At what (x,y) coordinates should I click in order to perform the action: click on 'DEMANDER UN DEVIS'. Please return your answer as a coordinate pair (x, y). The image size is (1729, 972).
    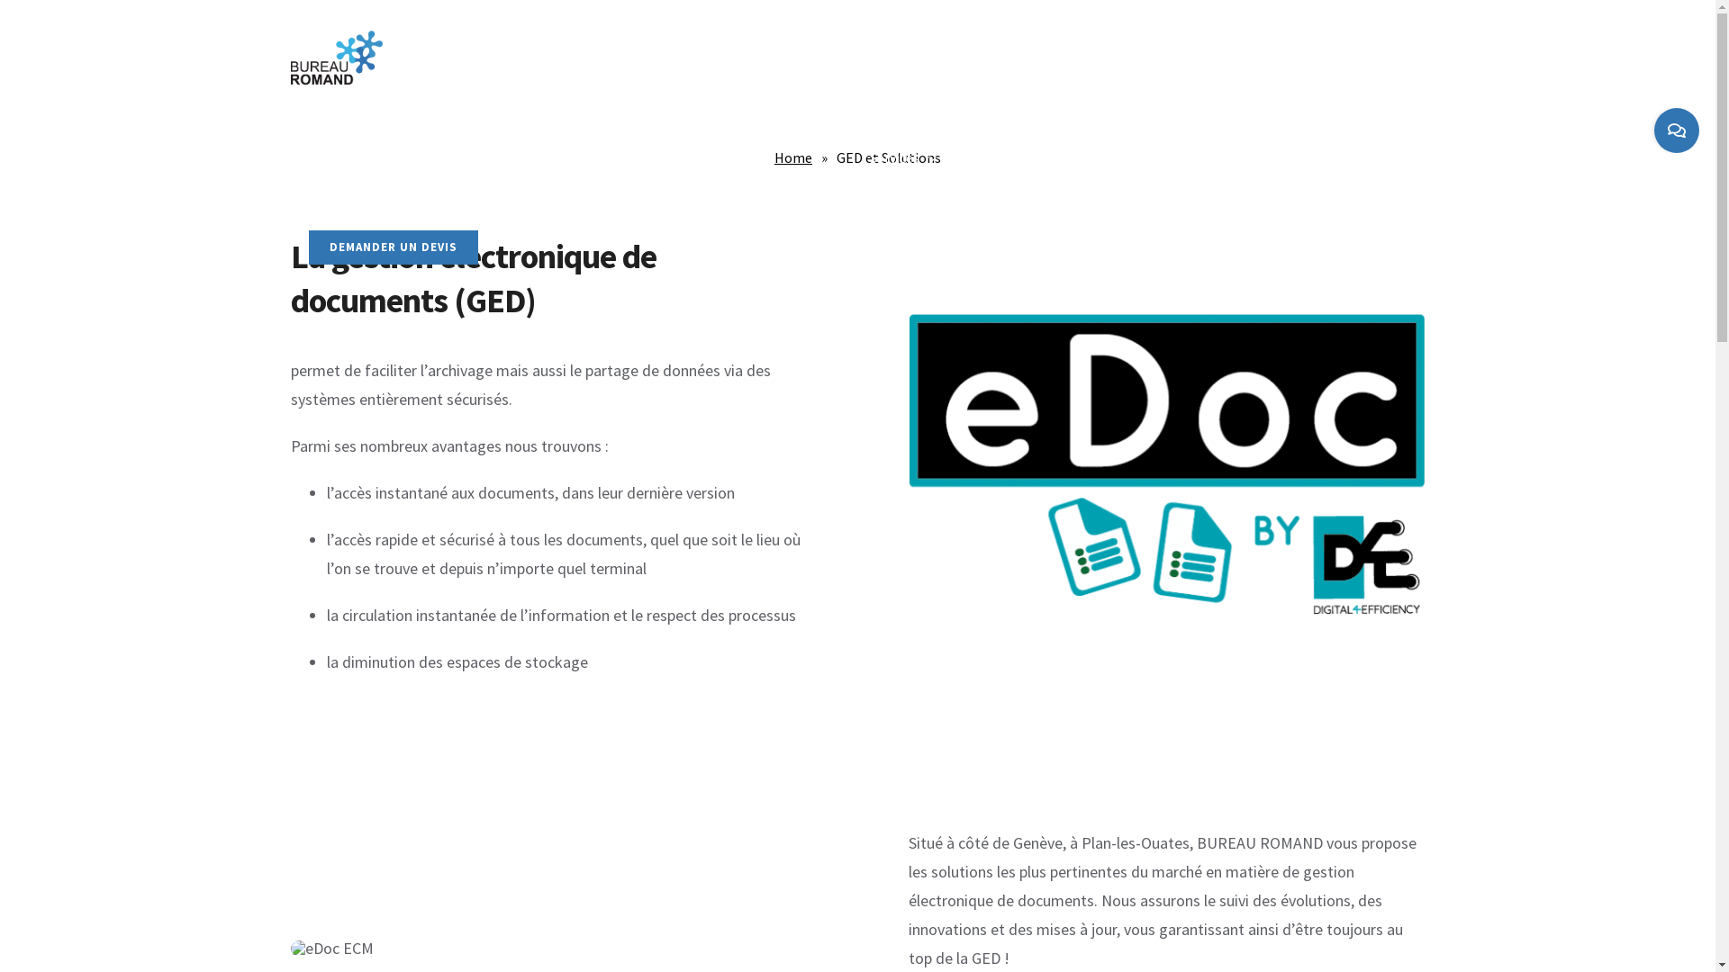
    Looking at the image, I should click on (392, 247).